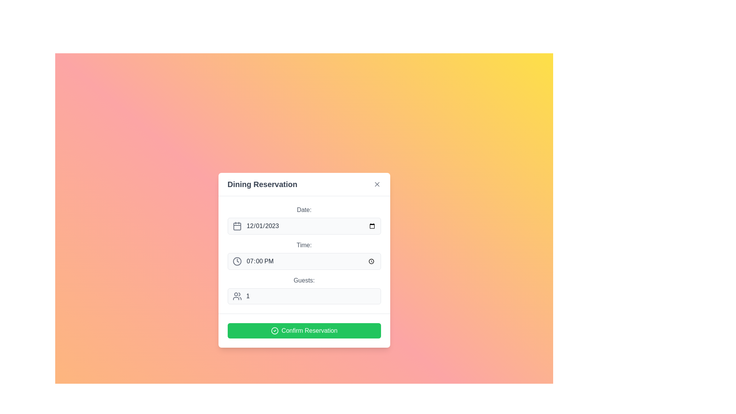 Image resolution: width=736 pixels, height=414 pixels. Describe the element at coordinates (304, 281) in the screenshot. I see `the static text label that describes the guest count in the 'Dining Reservation' interface, which is positioned below the 'Date' and 'Time' input fields` at that location.